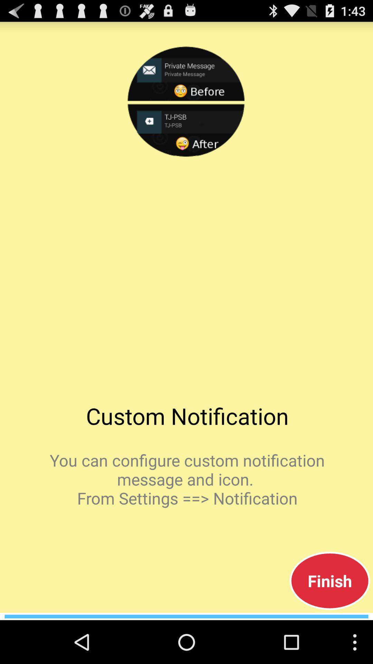 This screenshot has width=373, height=664. I want to click on the finish button, so click(329, 581).